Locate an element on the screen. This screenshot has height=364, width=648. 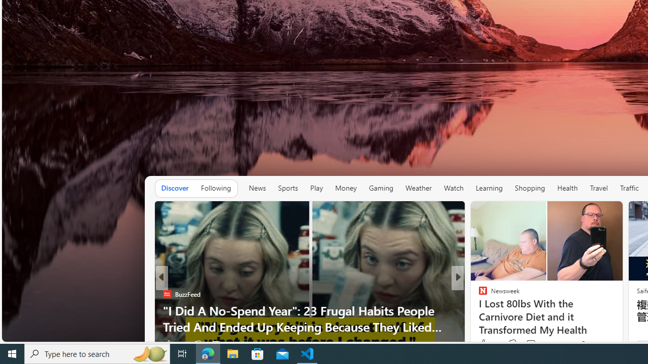
'21 Like' is located at coordinates (483, 344).